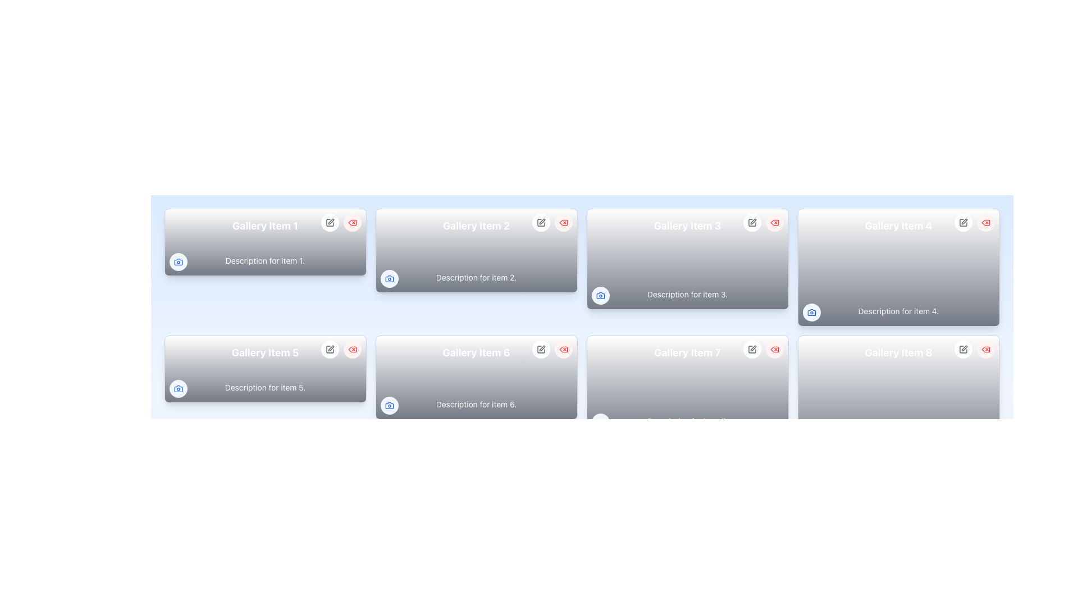  I want to click on the edit icon located at the top right corner of the 'Gallery Item 3' card, so click(753, 221).